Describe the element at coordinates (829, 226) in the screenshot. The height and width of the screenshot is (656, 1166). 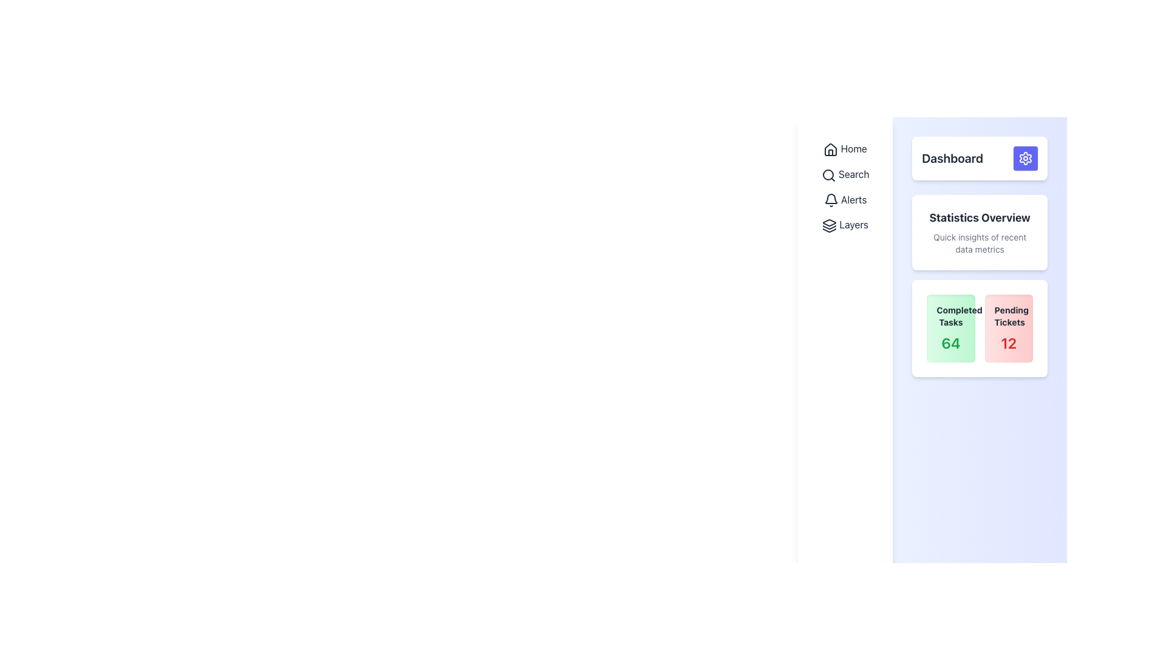
I see `the 'Layers' icon located in the left sidebar menu, which is the fourth icon in a vertical sequence following 'Home', 'Search', and 'Alerts'` at that location.